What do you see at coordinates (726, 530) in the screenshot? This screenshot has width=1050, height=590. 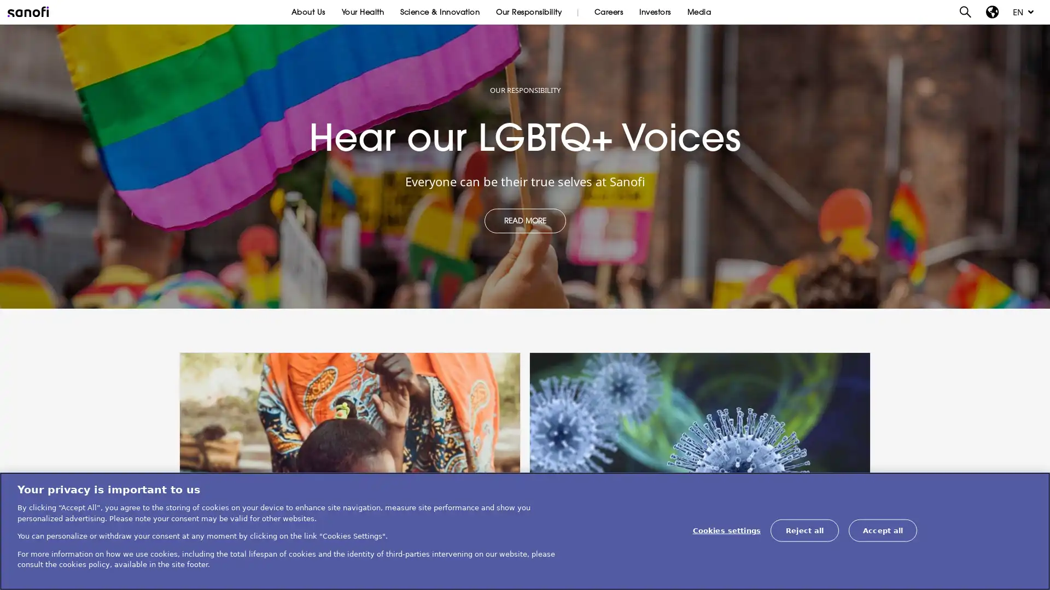 I see `Cookies settings` at bounding box center [726, 530].